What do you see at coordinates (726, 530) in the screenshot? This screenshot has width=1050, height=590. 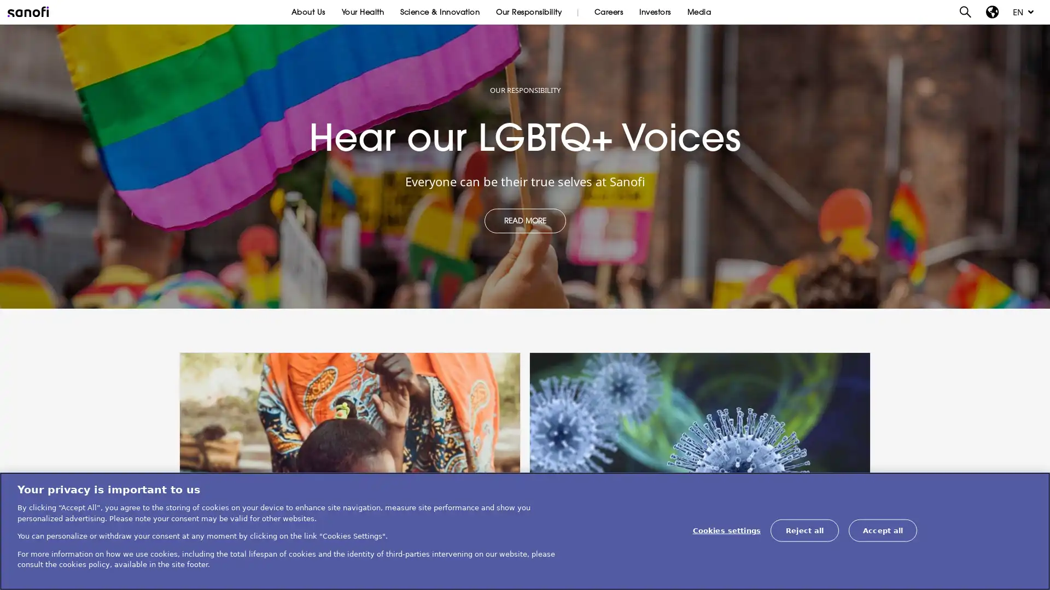 I see `Cookies settings` at bounding box center [726, 530].